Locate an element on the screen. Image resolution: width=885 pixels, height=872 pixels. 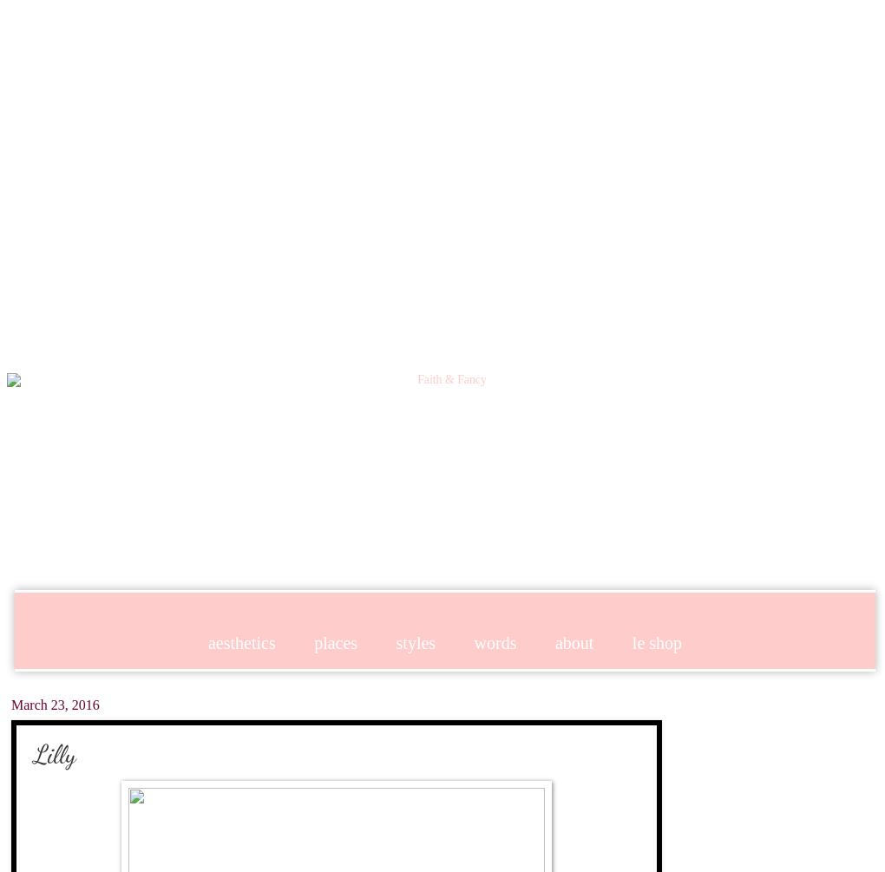
'le shop' is located at coordinates (657, 641).